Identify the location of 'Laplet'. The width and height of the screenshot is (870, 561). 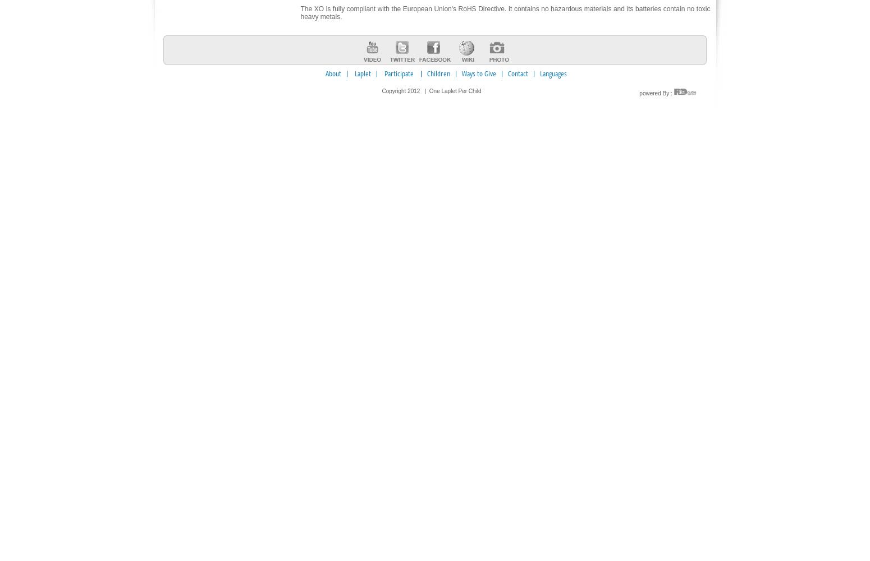
(362, 74).